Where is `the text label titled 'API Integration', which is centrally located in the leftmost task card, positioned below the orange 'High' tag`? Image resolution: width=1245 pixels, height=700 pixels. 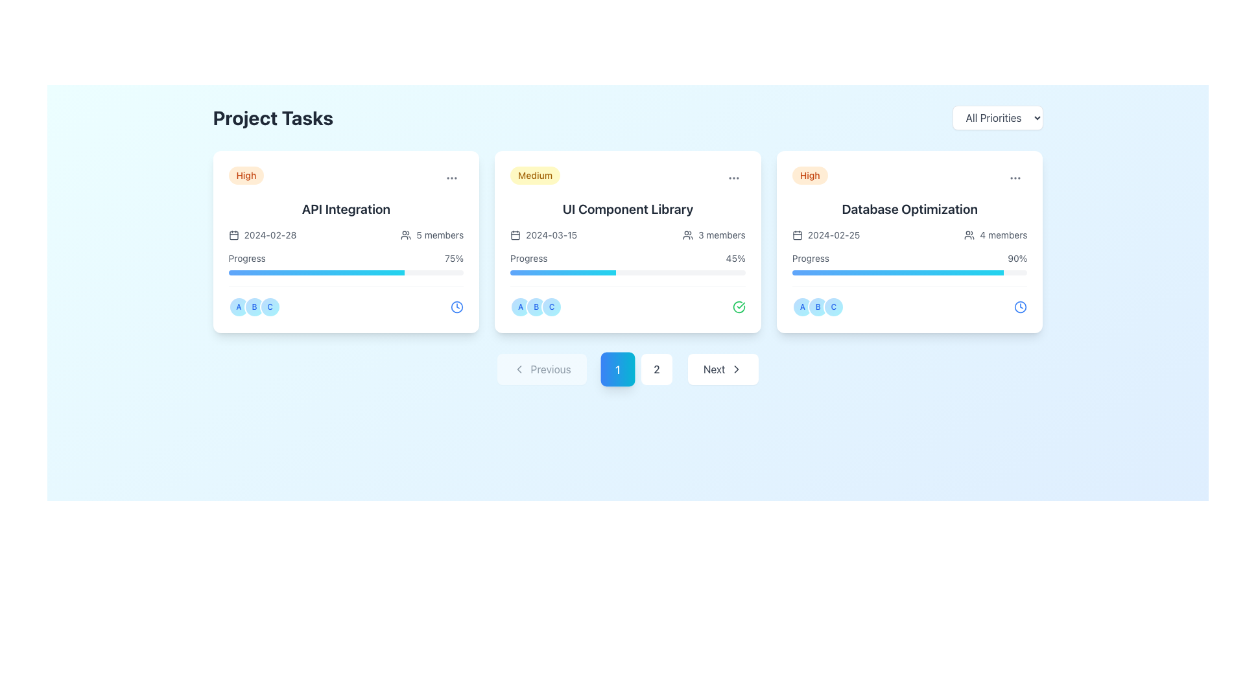
the text label titled 'API Integration', which is centrally located in the leftmost task card, positioned below the orange 'High' tag is located at coordinates (346, 209).